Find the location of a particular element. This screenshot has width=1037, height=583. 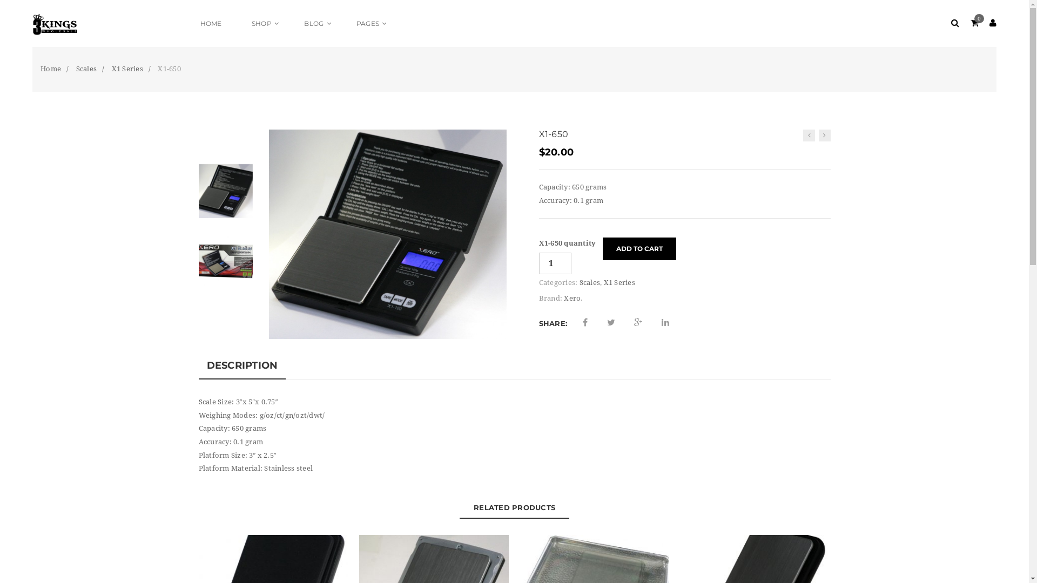

'Qty' is located at coordinates (539, 263).